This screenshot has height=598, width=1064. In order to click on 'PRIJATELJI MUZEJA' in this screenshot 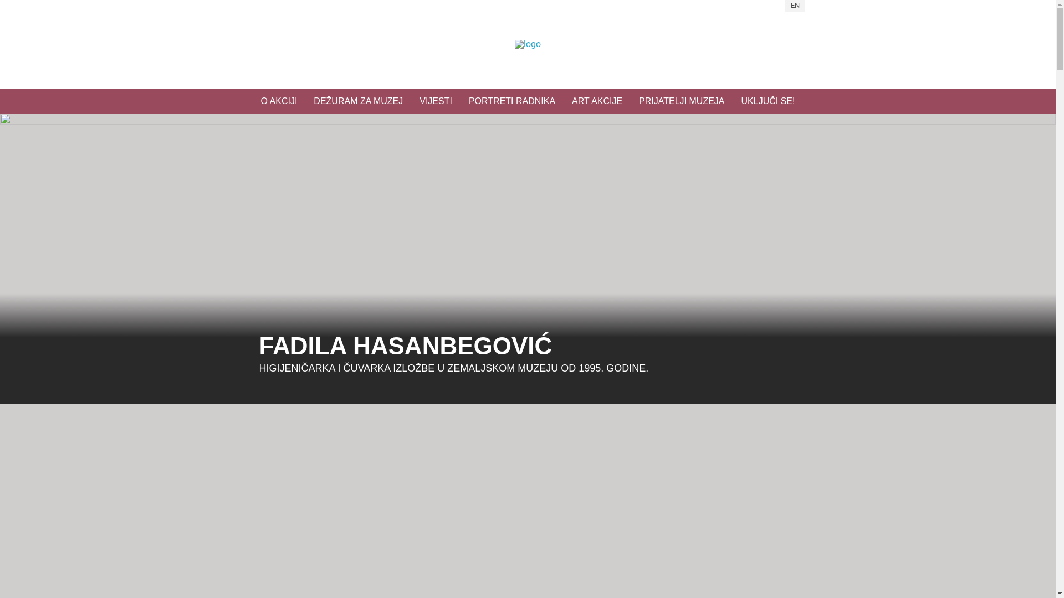, I will do `click(681, 101)`.